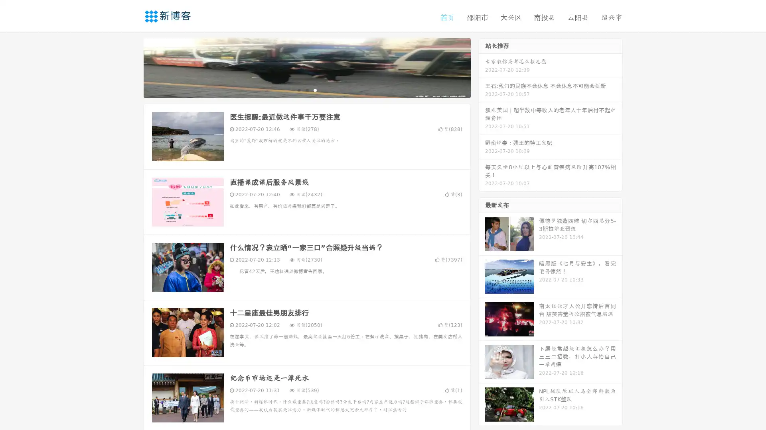 The height and width of the screenshot is (430, 766). Describe the element at coordinates (315, 90) in the screenshot. I see `Go to slide 3` at that location.